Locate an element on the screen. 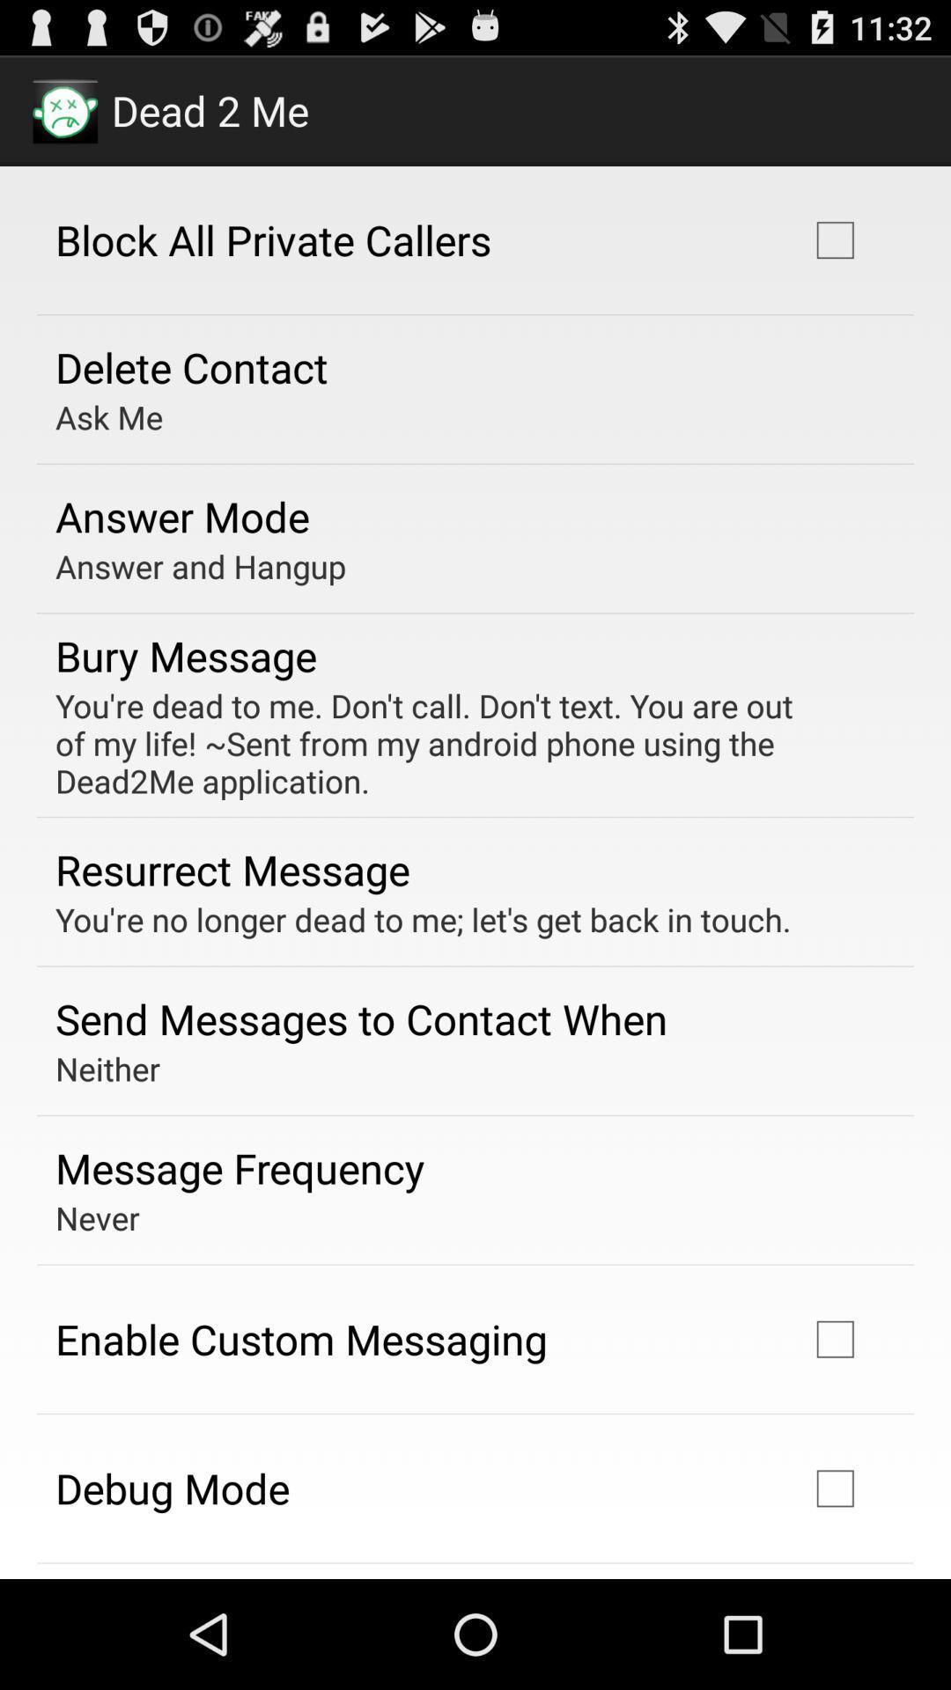  icon above you re no app is located at coordinates (232, 870).